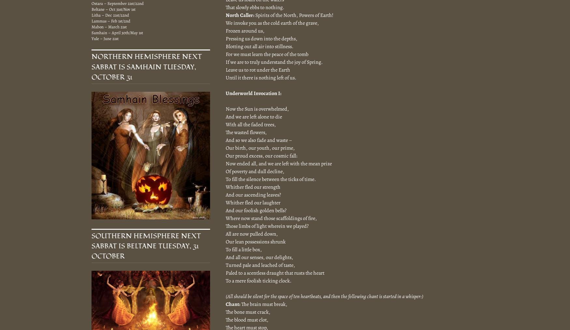 Image resolution: width=570 pixels, height=330 pixels. What do you see at coordinates (324, 296) in the screenshot?
I see `'(All should be silent for the space of ten heartbeats, and then the following chant is started in a whisper:)'` at bounding box center [324, 296].